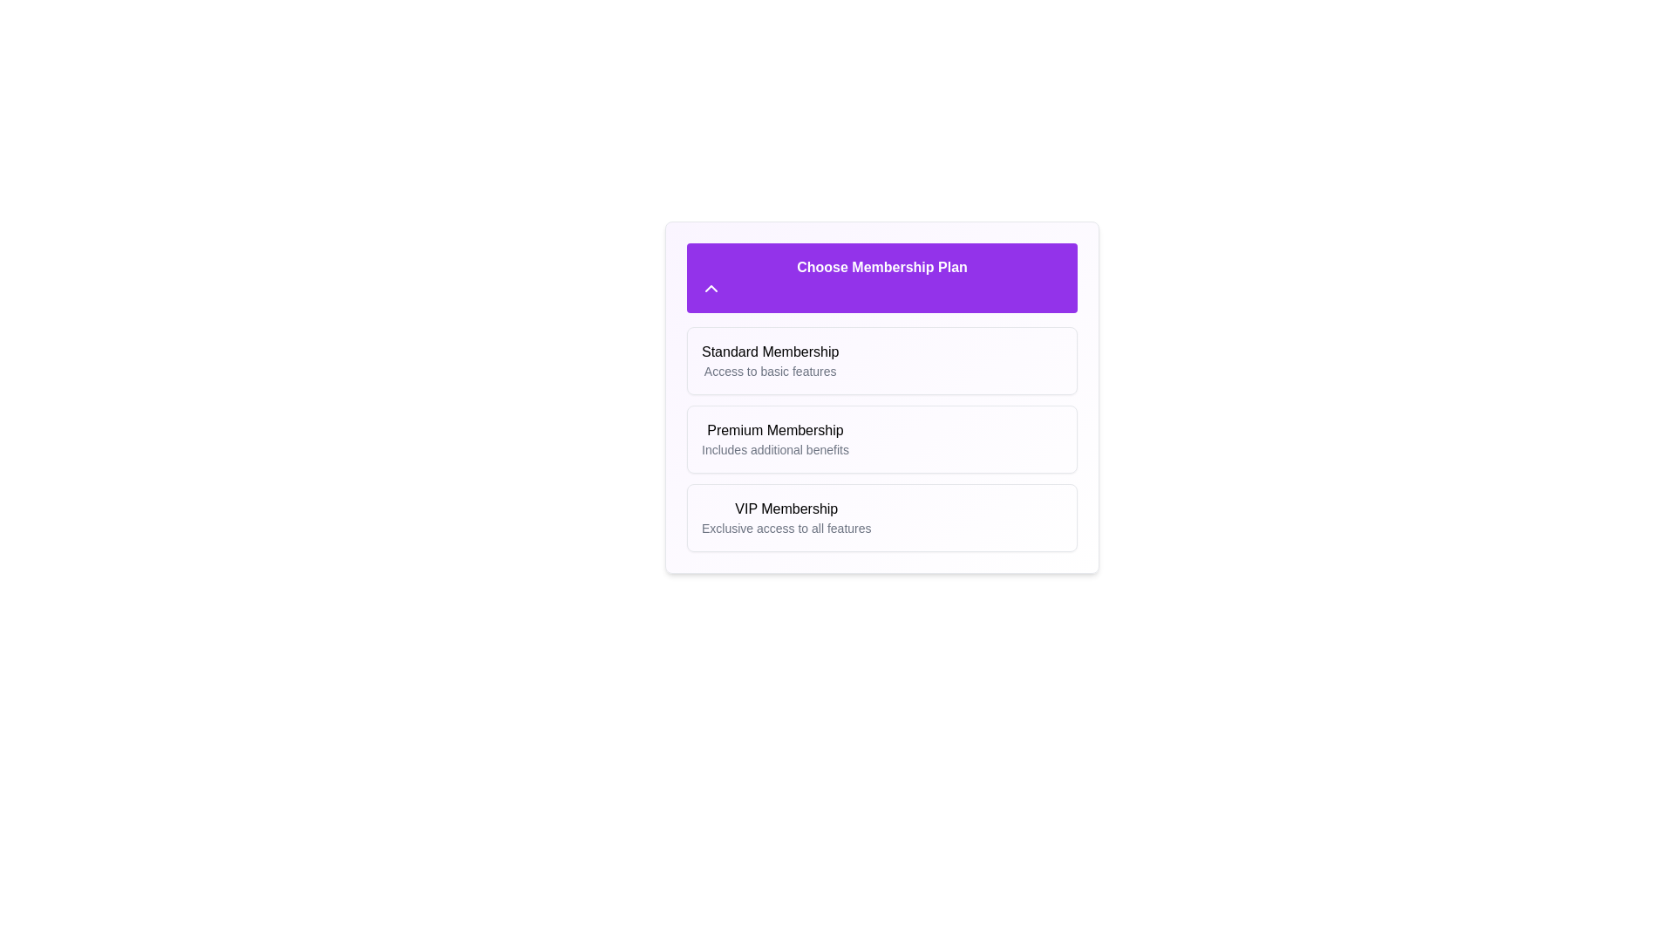  What do you see at coordinates (711, 288) in the screenshot?
I see `the chevron icon on the left side of the 'Choose Membership Plan' section` at bounding box center [711, 288].